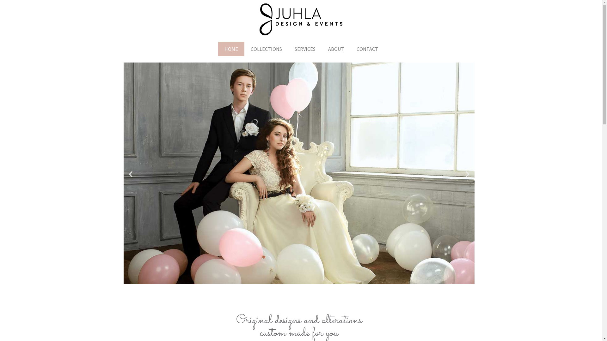  Describe the element at coordinates (335, 48) in the screenshot. I see `'ABOUT'` at that location.